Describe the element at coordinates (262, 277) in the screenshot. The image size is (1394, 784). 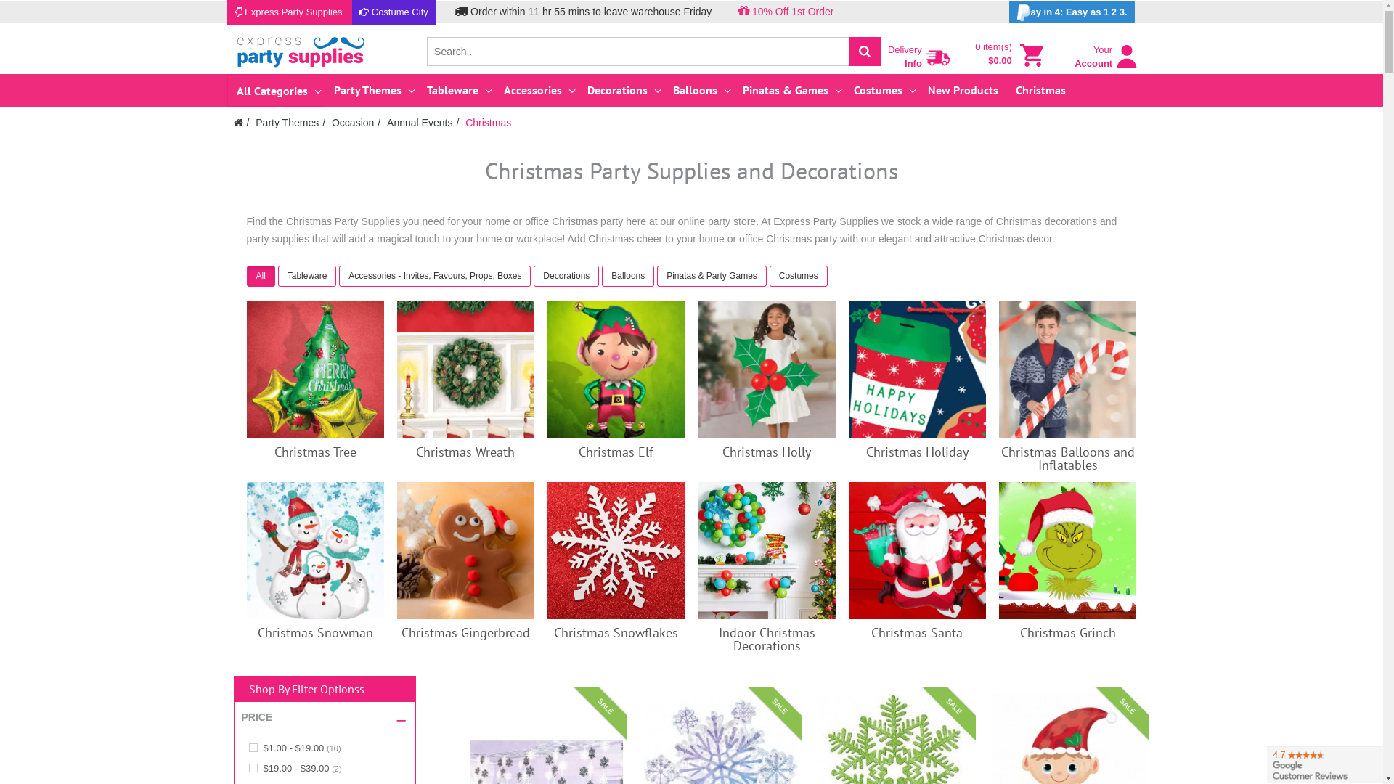
I see `'All'` at that location.